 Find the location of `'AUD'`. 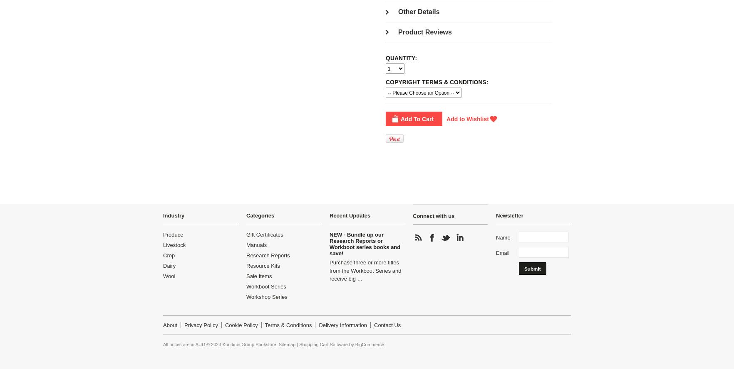

'AUD' is located at coordinates (200, 344).